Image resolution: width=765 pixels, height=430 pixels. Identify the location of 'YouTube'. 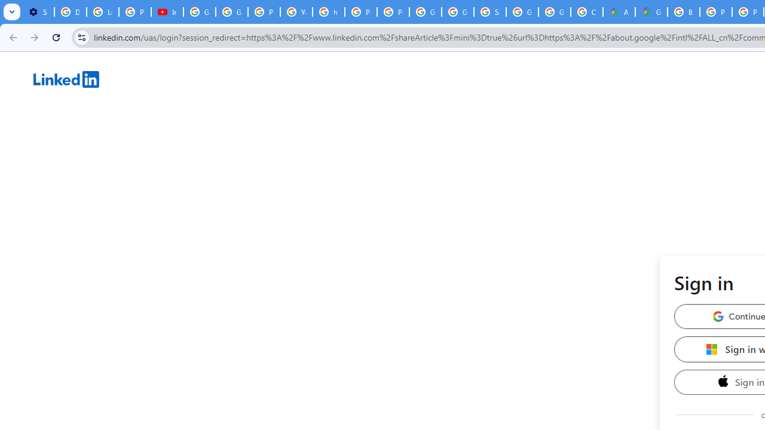
(296, 12).